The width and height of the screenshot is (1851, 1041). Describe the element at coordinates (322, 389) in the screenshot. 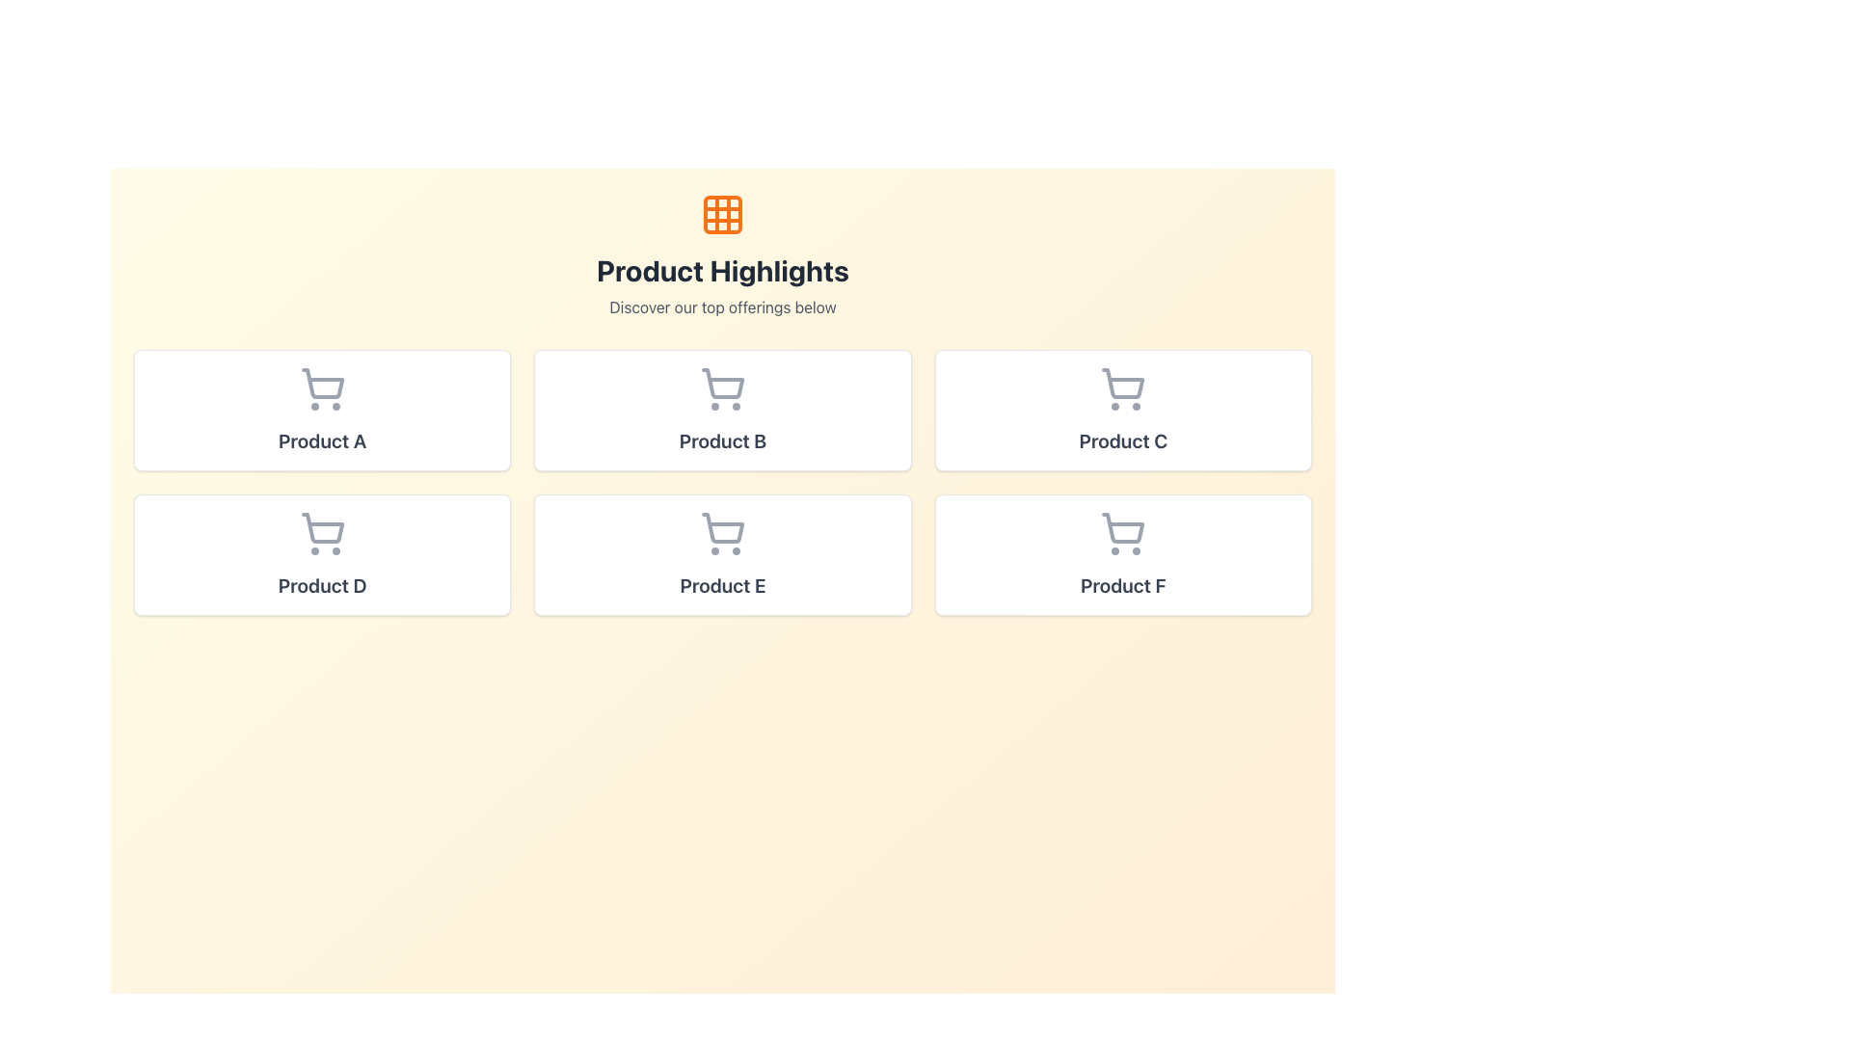

I see `the decorative shopping cart icon located at the top-left section of the grid layout above the text 'Product A'` at that location.